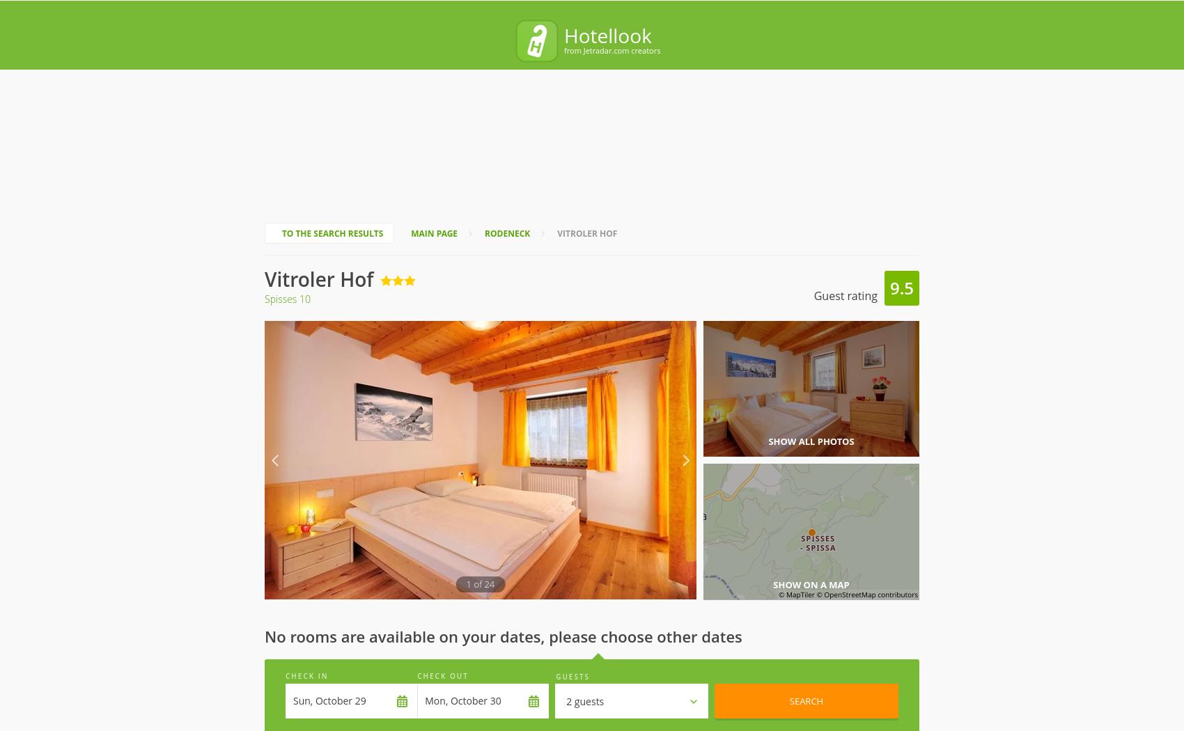  I want to click on 'Hotel', so click(451, 393).